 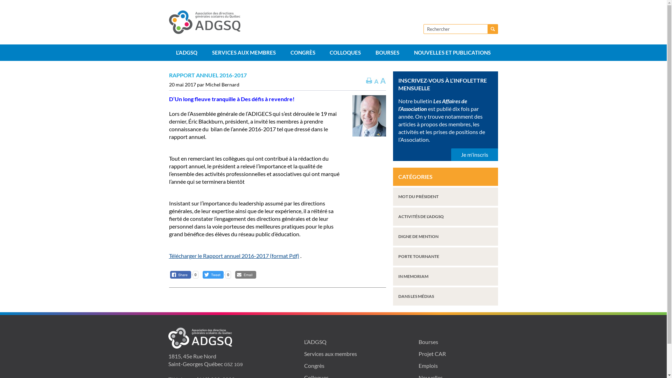 What do you see at coordinates (445, 236) in the screenshot?
I see `'DIGNE DE MENTION'` at bounding box center [445, 236].